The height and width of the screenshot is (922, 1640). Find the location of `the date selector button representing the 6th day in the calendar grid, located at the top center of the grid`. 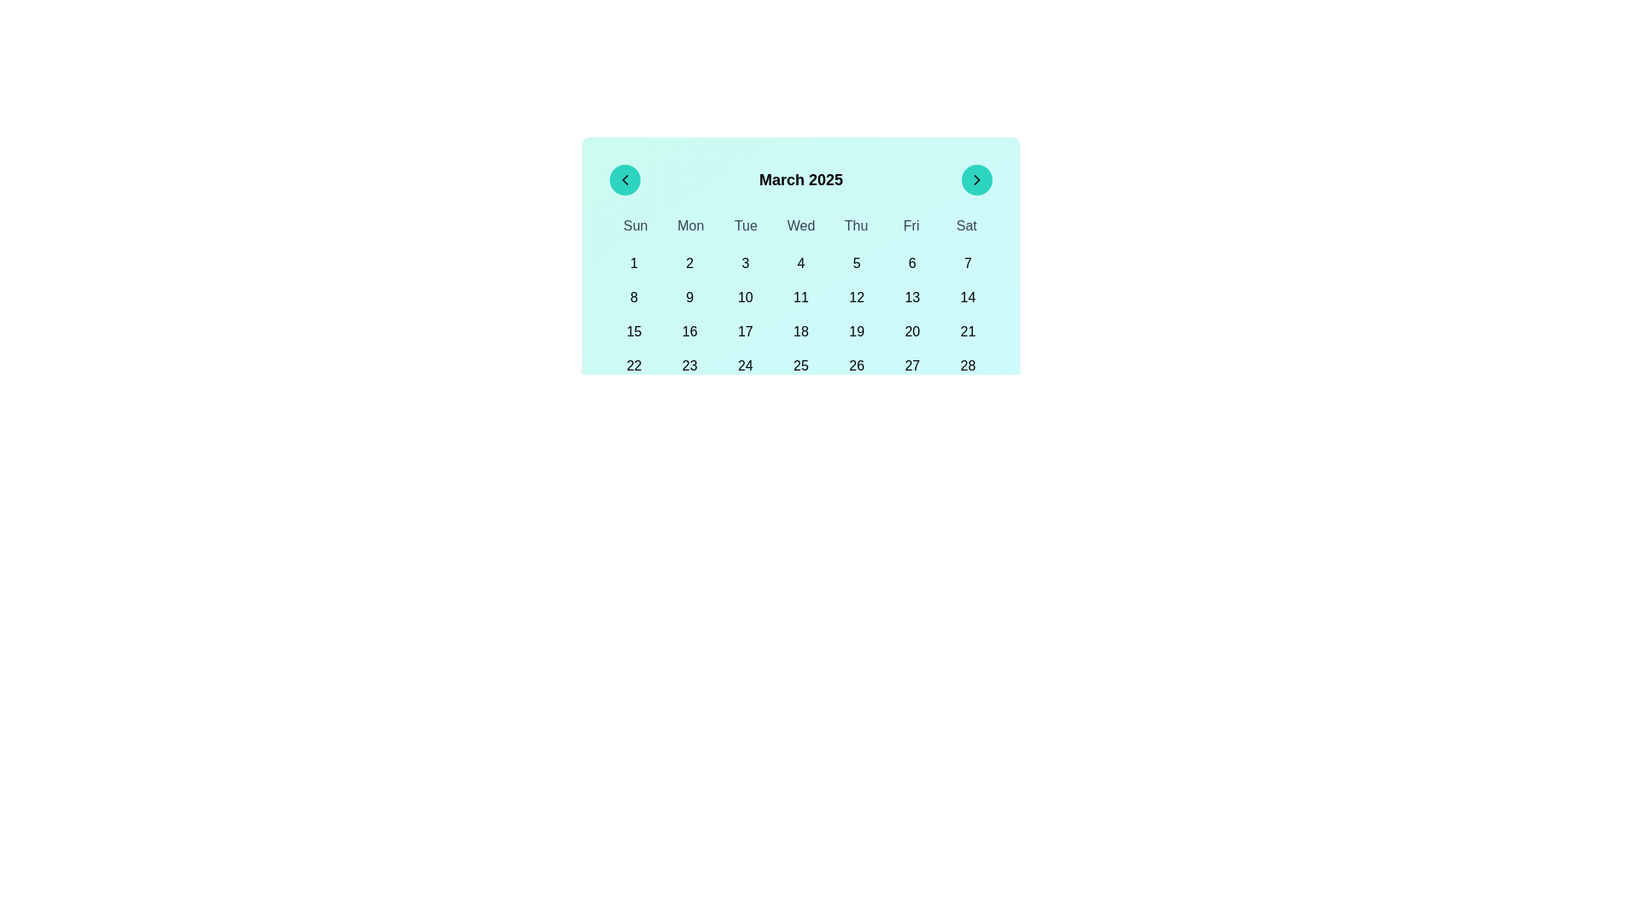

the date selector button representing the 6th day in the calendar grid, located at the top center of the grid is located at coordinates (911, 263).